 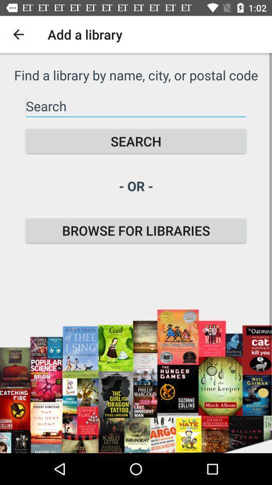 What do you see at coordinates (136, 230) in the screenshot?
I see `the browse for libraries` at bounding box center [136, 230].